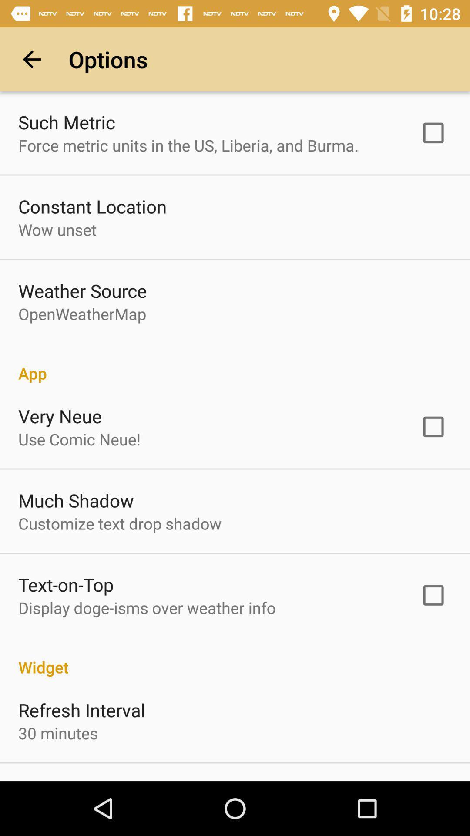 This screenshot has width=470, height=836. I want to click on app to the left of options item, so click(31, 59).